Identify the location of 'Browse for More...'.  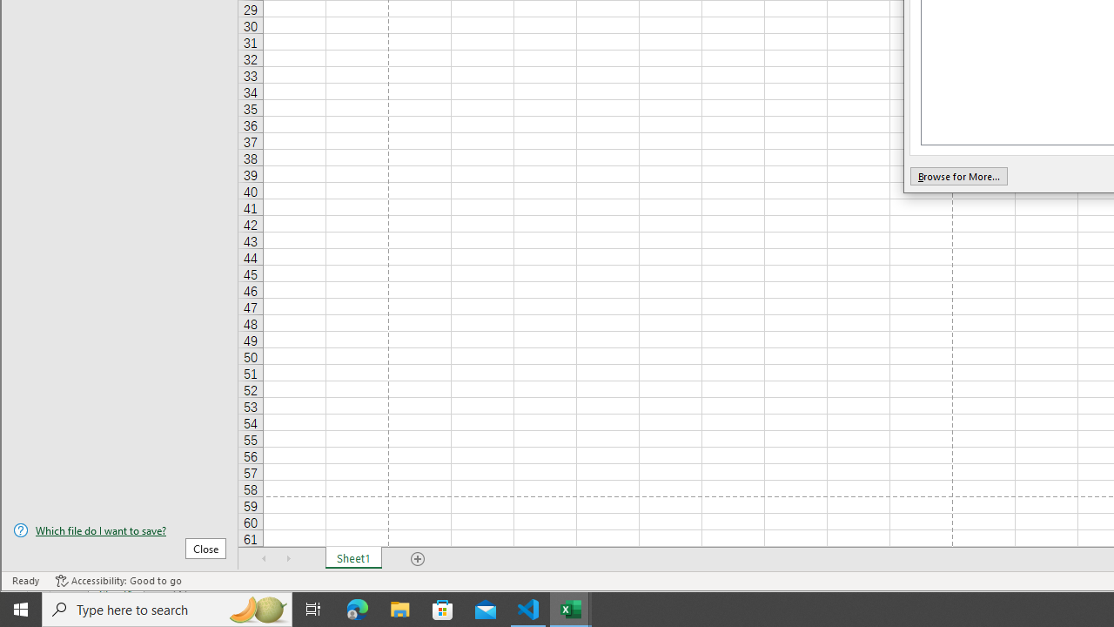
(957, 176).